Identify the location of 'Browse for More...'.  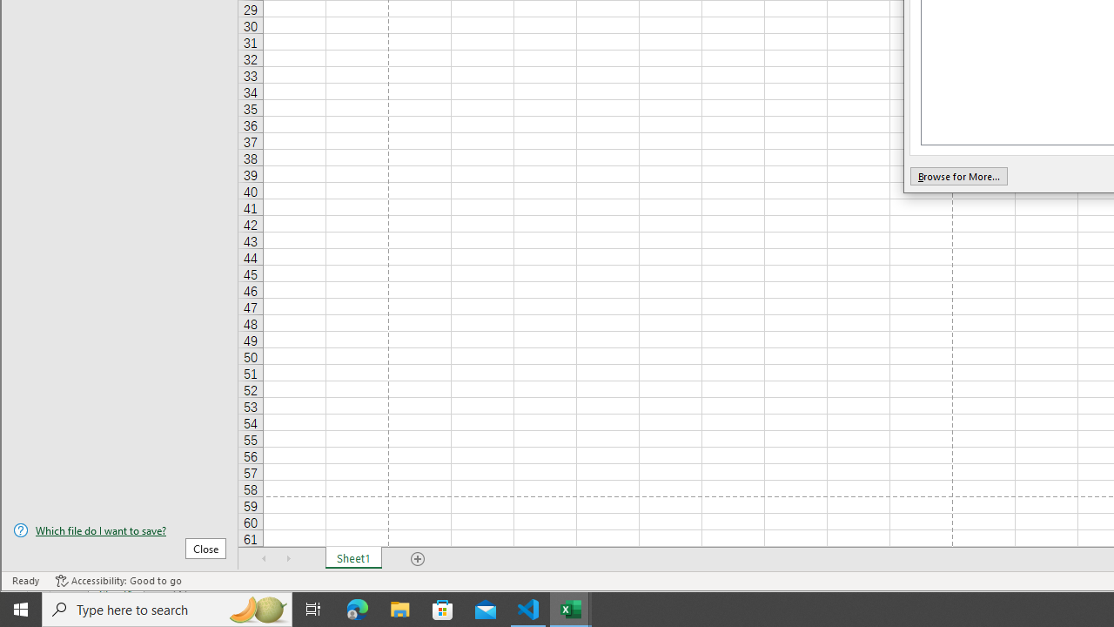
(957, 176).